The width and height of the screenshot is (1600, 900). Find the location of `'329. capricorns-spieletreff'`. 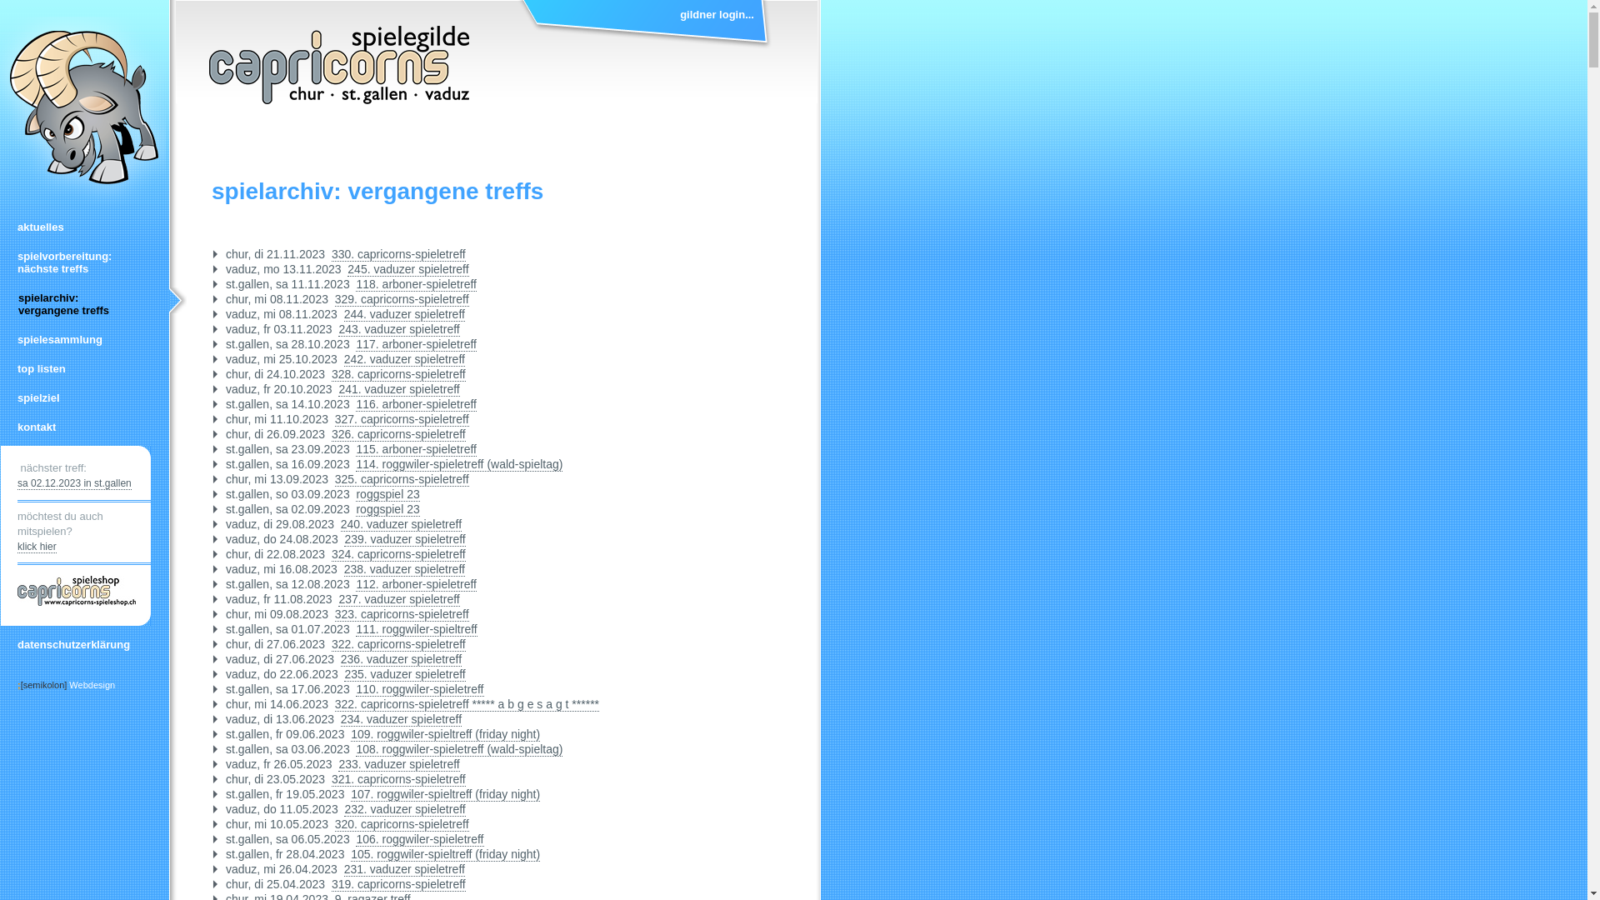

'329. capricorns-spieletreff' is located at coordinates (402, 298).